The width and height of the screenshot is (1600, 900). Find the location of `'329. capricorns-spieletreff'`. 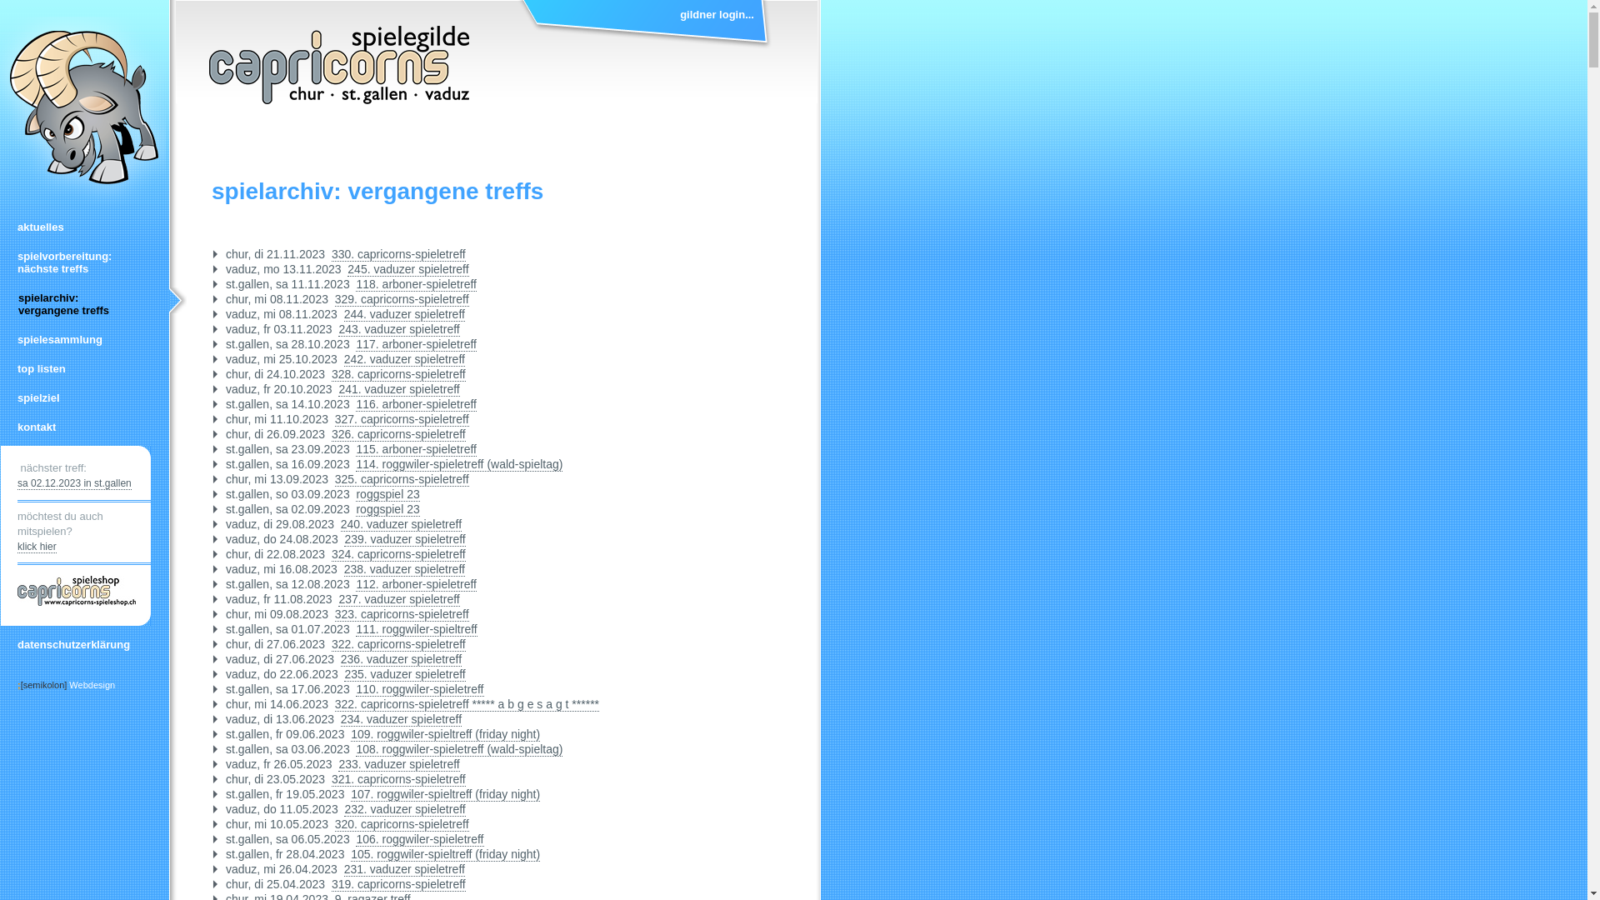

'329. capricorns-spieletreff' is located at coordinates (402, 298).